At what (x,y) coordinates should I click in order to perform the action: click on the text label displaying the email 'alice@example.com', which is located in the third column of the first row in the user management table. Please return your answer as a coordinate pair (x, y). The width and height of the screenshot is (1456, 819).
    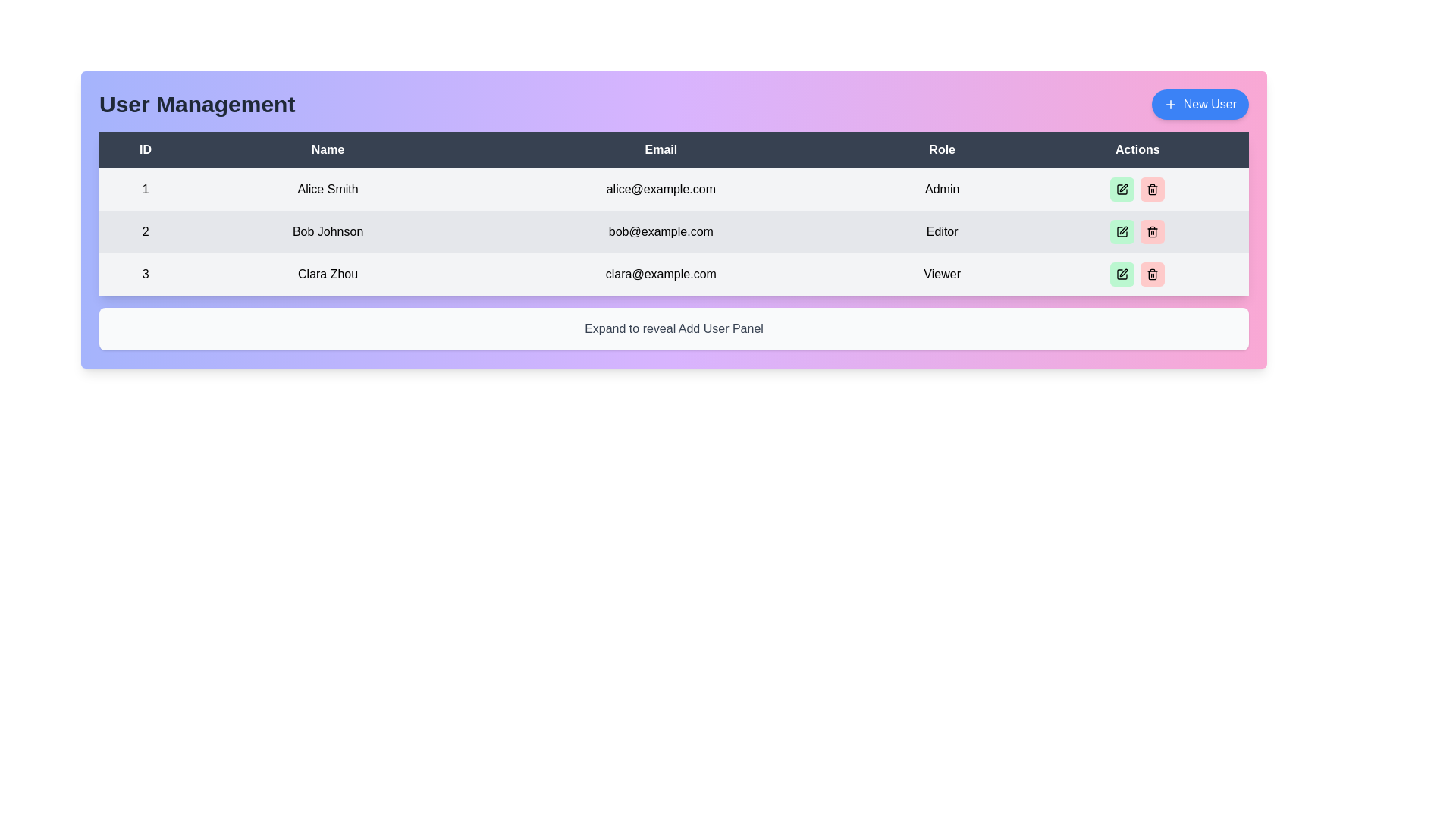
    Looking at the image, I should click on (661, 189).